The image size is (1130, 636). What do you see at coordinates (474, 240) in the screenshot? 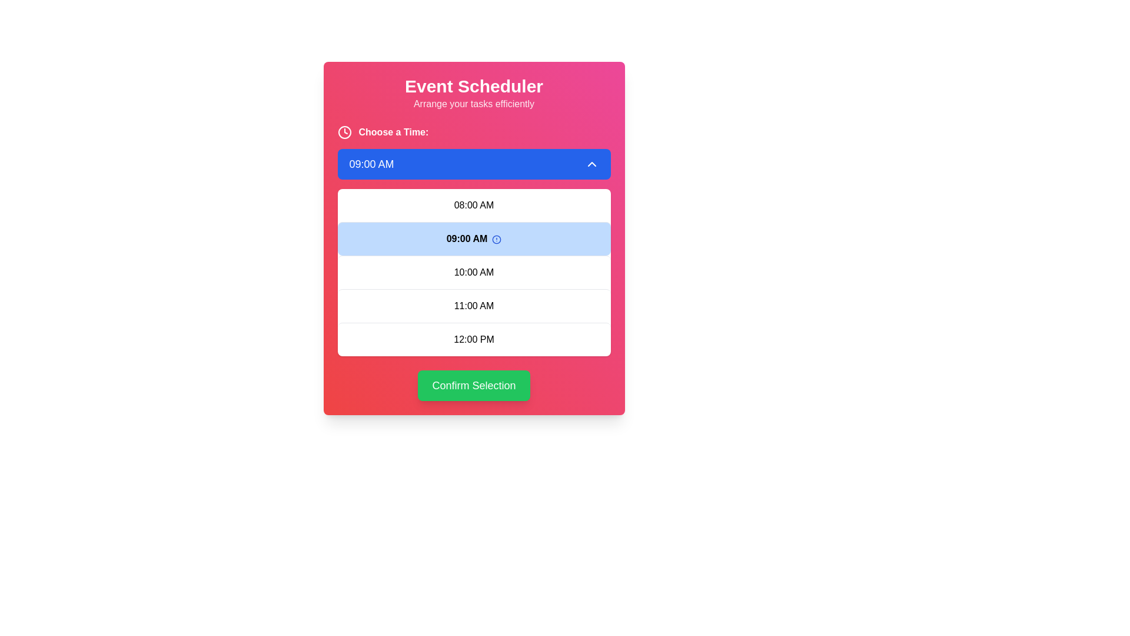
I see `the dropdown menu list item with the light blue background and bold text '09:00 AM'` at bounding box center [474, 240].